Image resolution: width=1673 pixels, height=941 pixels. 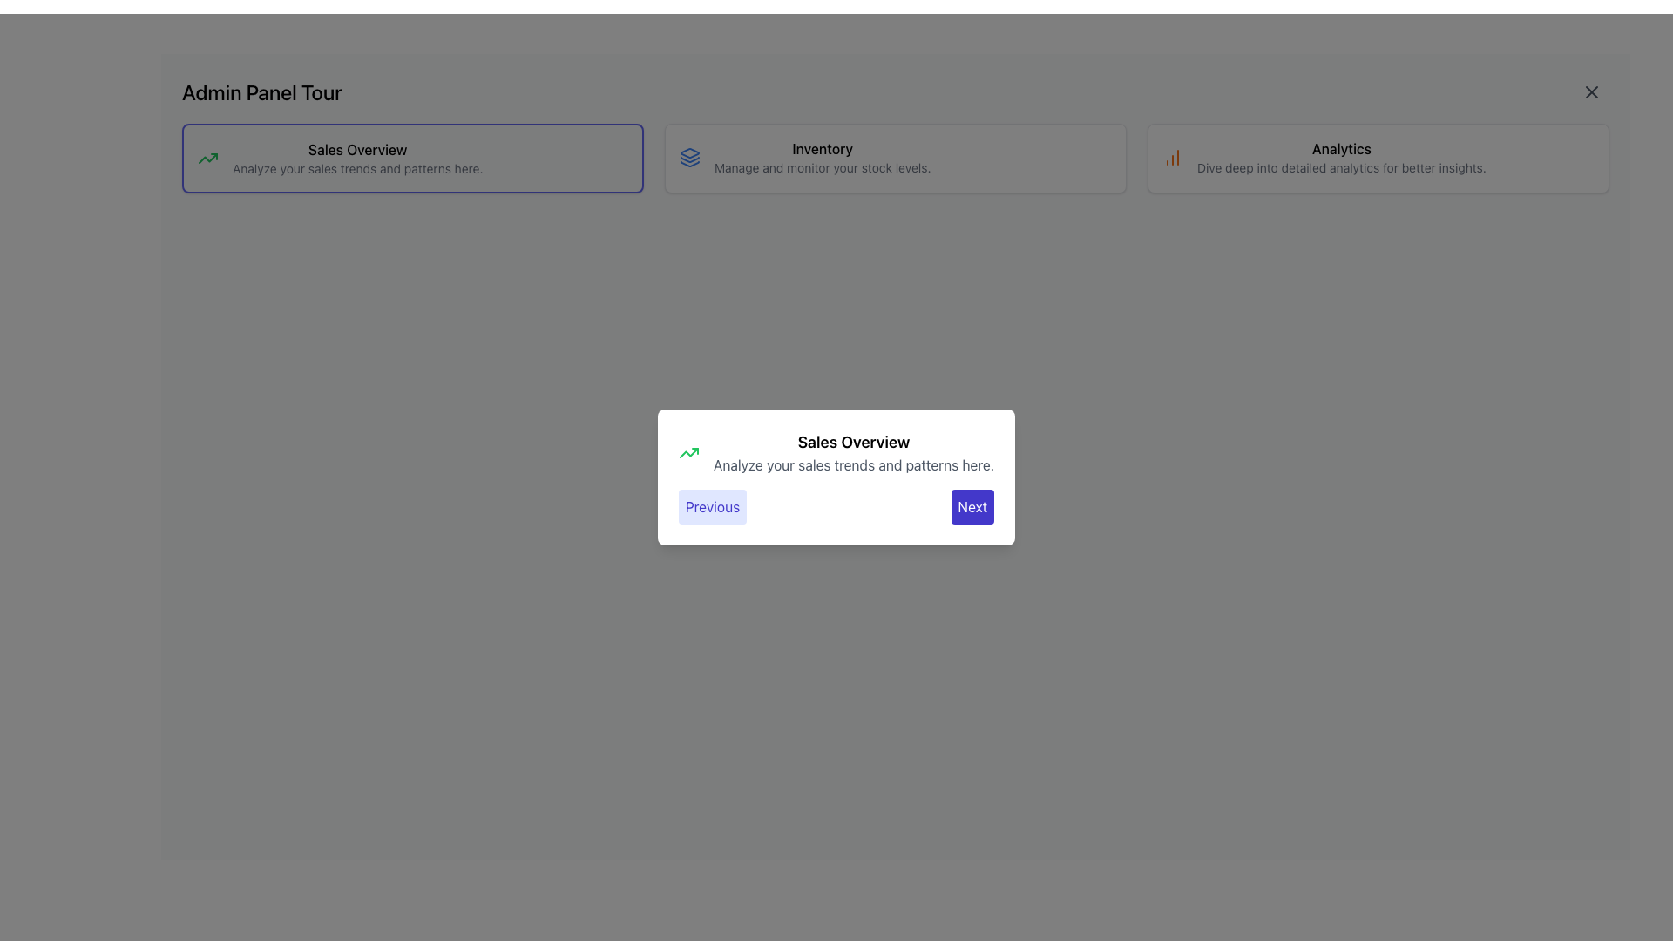 What do you see at coordinates (356, 149) in the screenshot?
I see `the Text Label that serves as a title for the associated informational card, located at the top of the first card in a horizontal layout of cards` at bounding box center [356, 149].